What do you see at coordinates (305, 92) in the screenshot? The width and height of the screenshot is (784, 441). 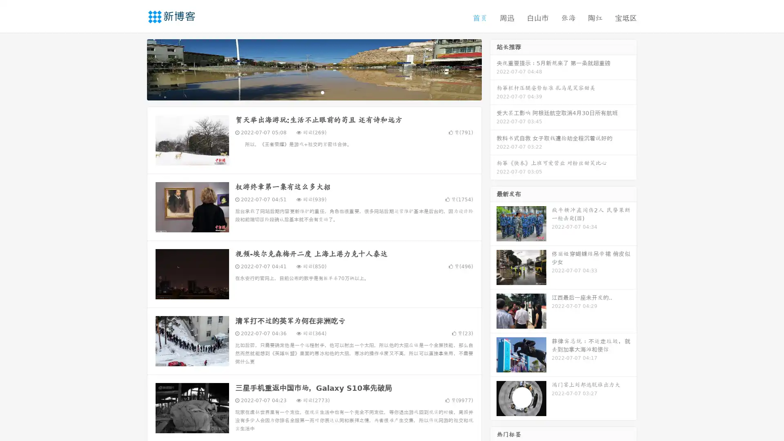 I see `Go to slide 1` at bounding box center [305, 92].